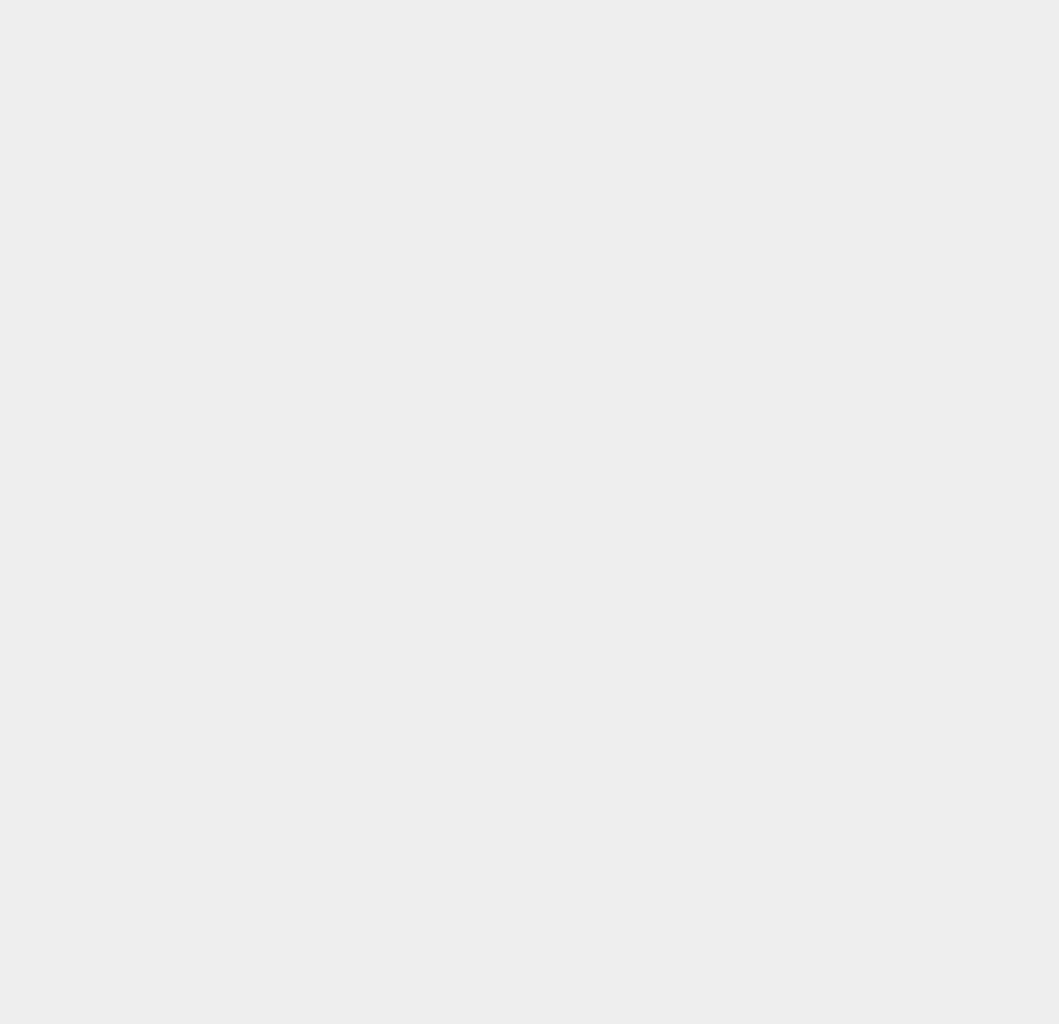 This screenshot has height=1024, width=1059. Describe the element at coordinates (768, 550) in the screenshot. I see `'Swype'` at that location.